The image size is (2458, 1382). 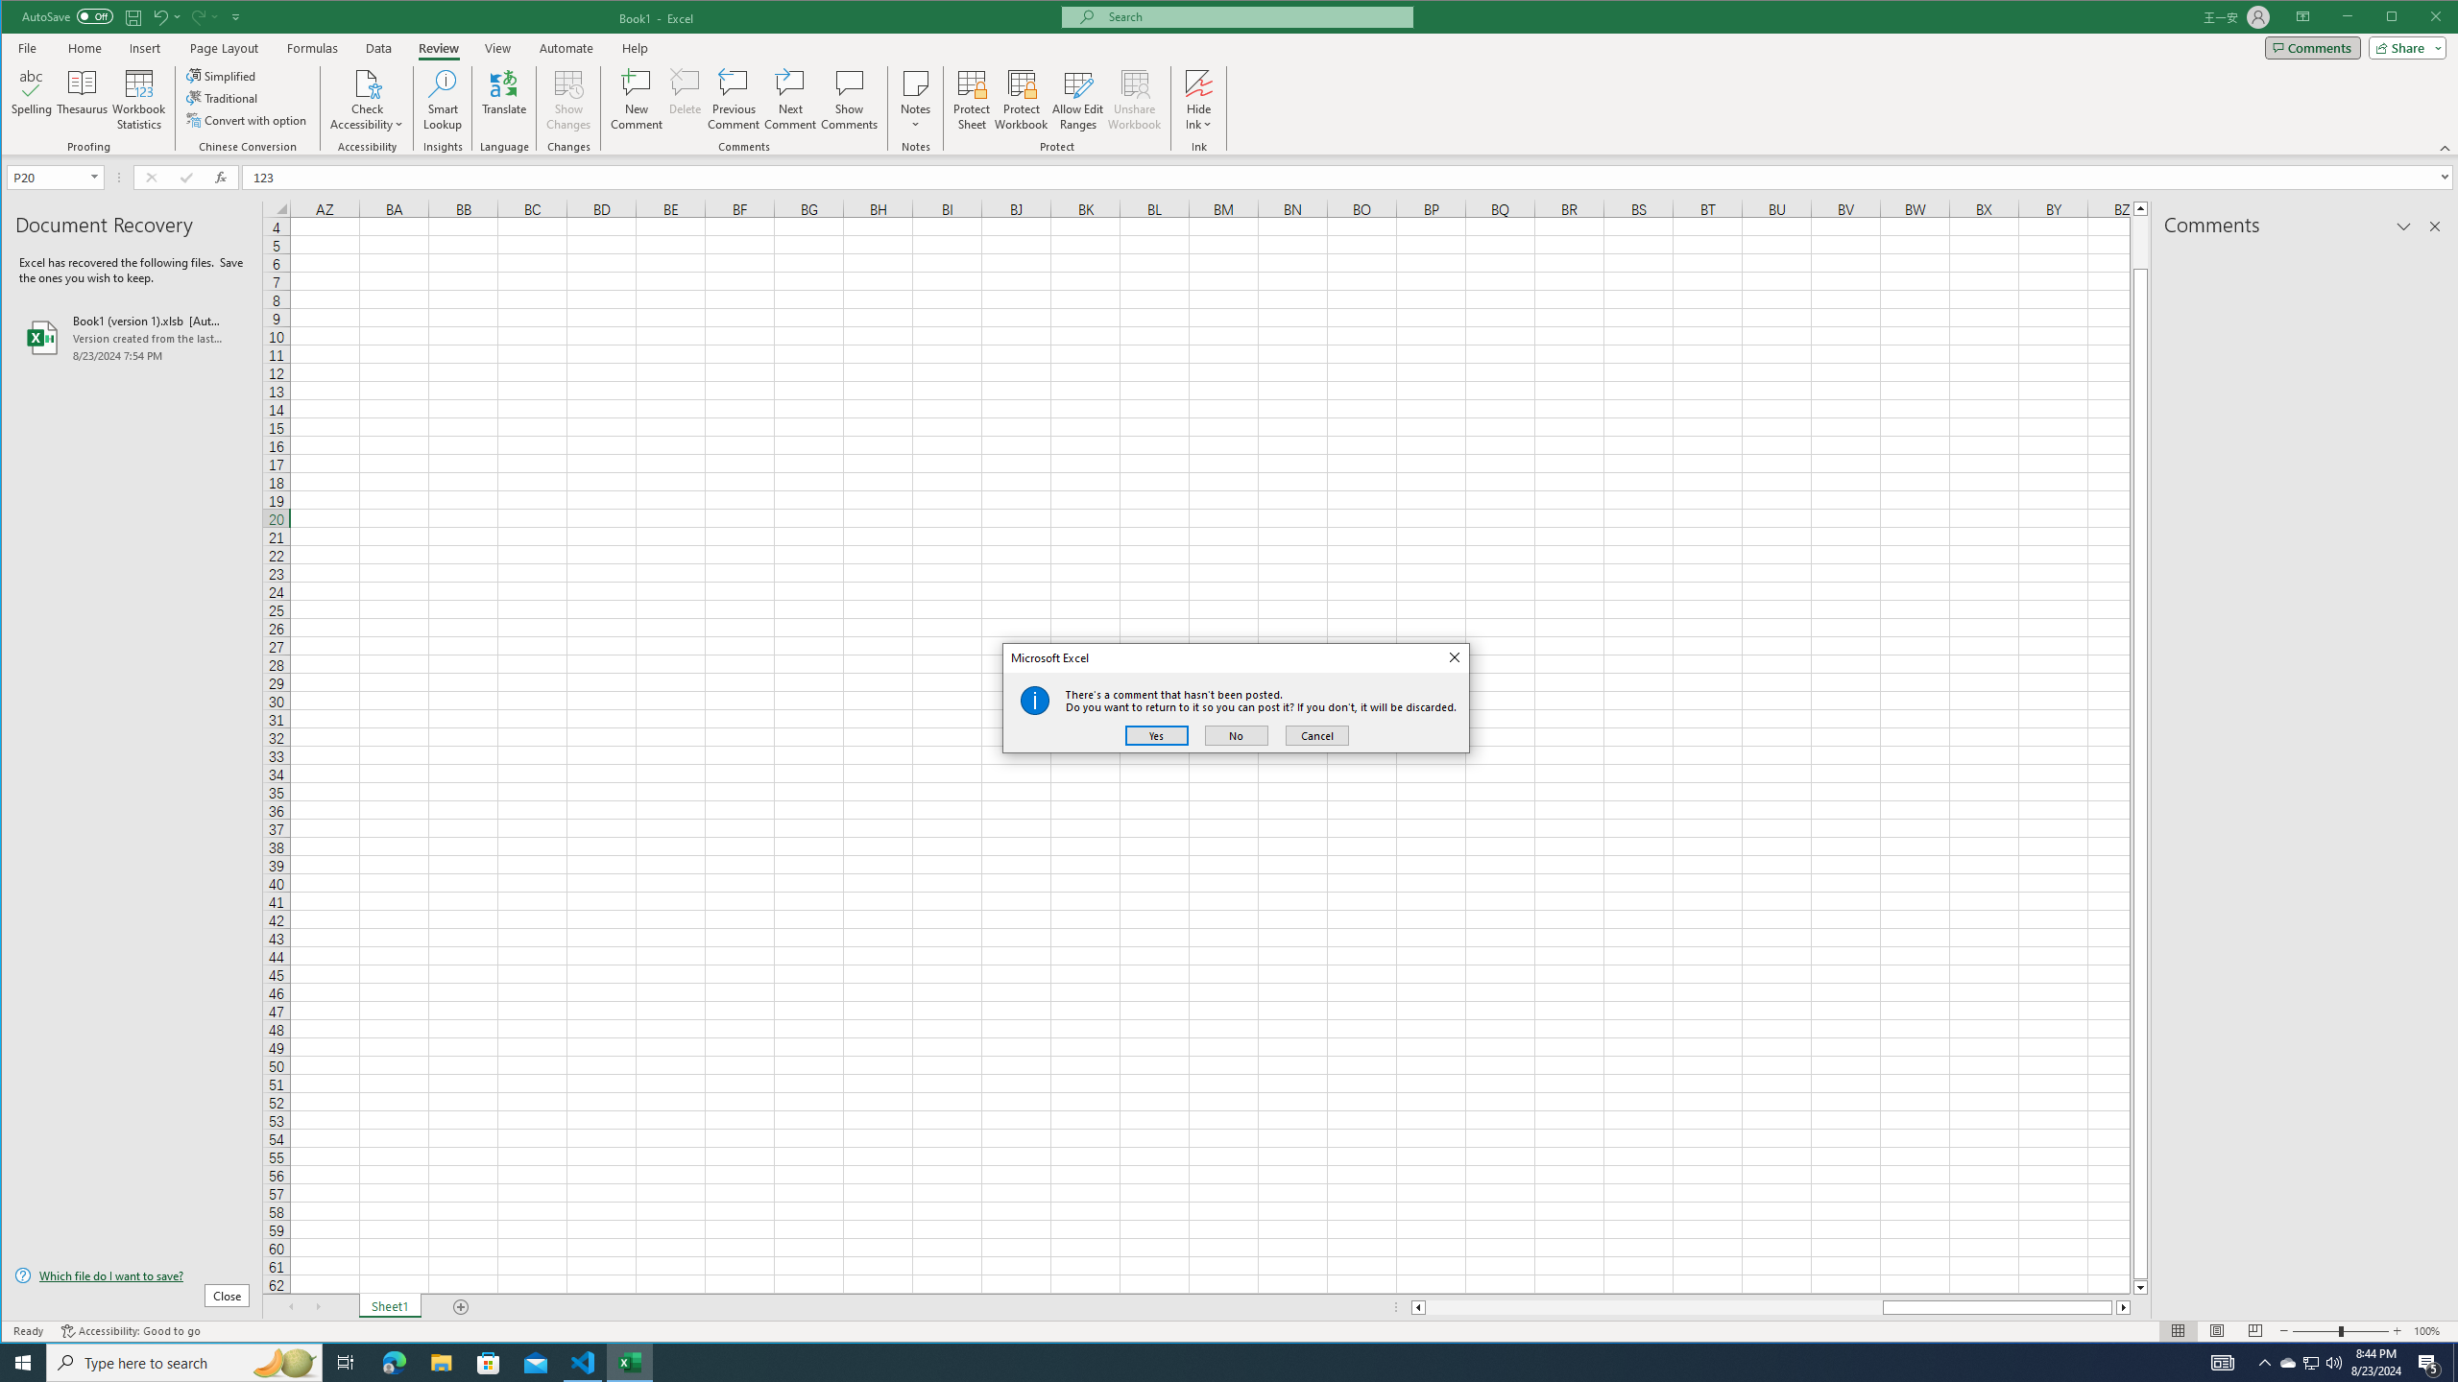 I want to click on 'Excel - 1 running window', so click(x=630, y=1361).